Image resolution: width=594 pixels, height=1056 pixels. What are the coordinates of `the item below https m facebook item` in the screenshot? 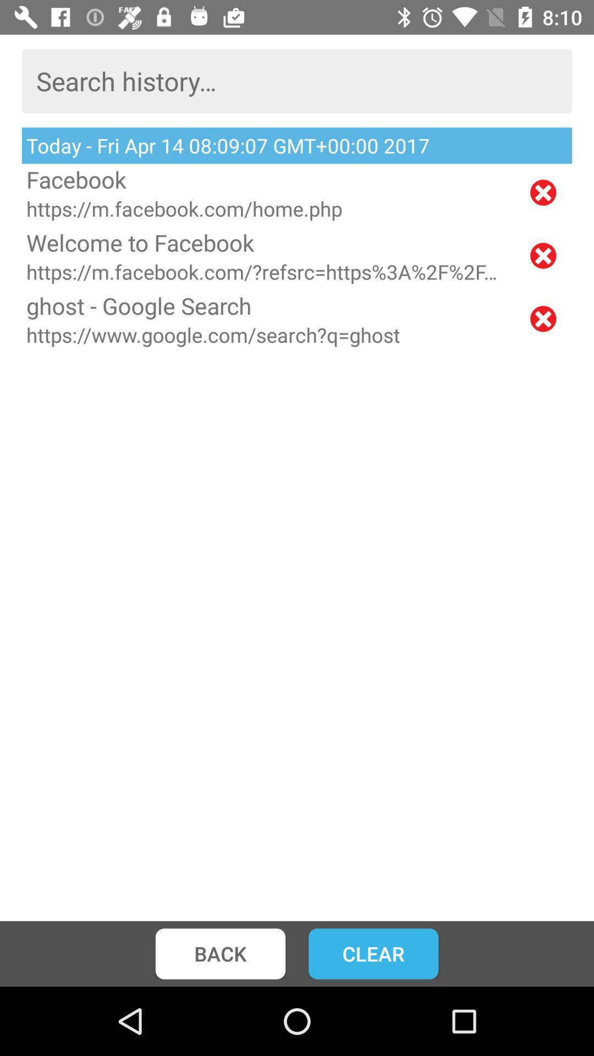 It's located at (268, 242).